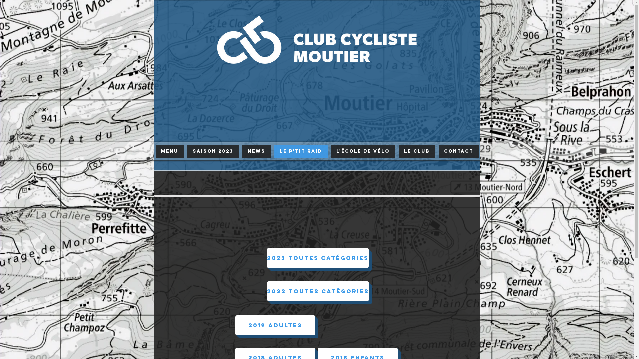 This screenshot has width=639, height=359. Describe the element at coordinates (416, 151) in the screenshot. I see `'LE CLUB'` at that location.